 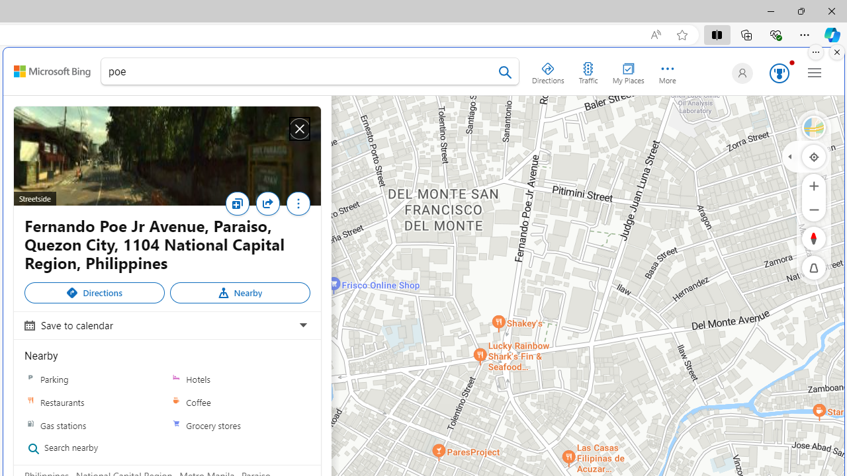 I want to click on 'Zoom In', so click(x=813, y=185).